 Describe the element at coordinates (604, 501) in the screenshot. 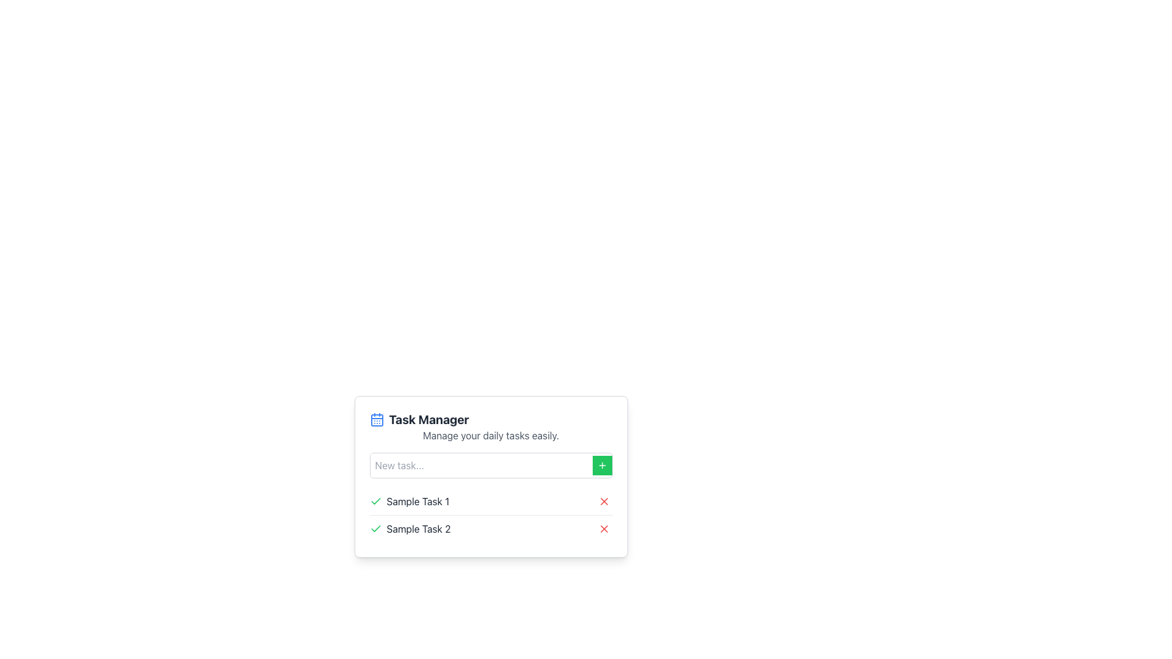

I see `the delete icon for 'Sample Task 1'` at that location.